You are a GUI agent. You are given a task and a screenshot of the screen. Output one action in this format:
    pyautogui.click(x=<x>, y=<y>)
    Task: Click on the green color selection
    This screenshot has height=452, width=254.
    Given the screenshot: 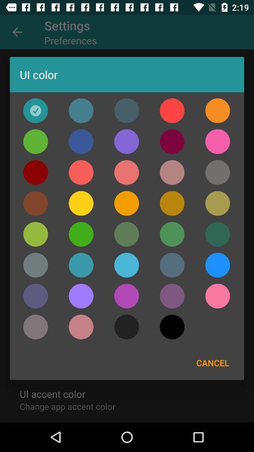 What is the action you would take?
    pyautogui.click(x=217, y=234)
    